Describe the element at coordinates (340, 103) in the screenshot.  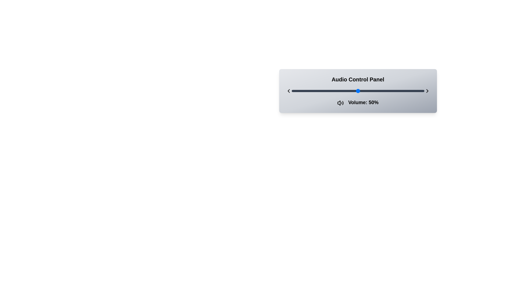
I see `the volume icon, which features a modern outline design with a speaker symbol and sound waves, located directly to the left of the text 'Volume: 50%' in the audio control panel` at that location.